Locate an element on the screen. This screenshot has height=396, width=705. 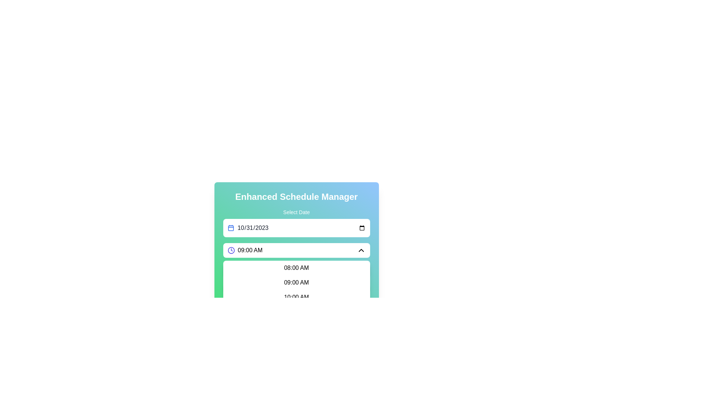
the decorative element within the SVG calendar icon, which is centrally located inside the calendar and enhances its representation is located at coordinates (230, 228).